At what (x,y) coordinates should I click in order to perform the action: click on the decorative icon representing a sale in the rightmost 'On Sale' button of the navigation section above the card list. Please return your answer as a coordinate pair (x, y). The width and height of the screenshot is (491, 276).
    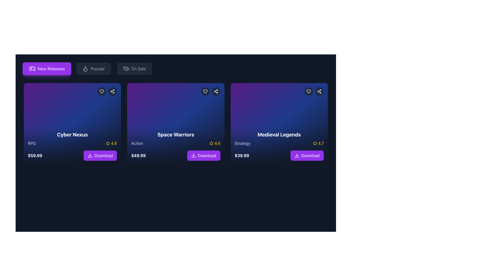
    Looking at the image, I should click on (128, 68).